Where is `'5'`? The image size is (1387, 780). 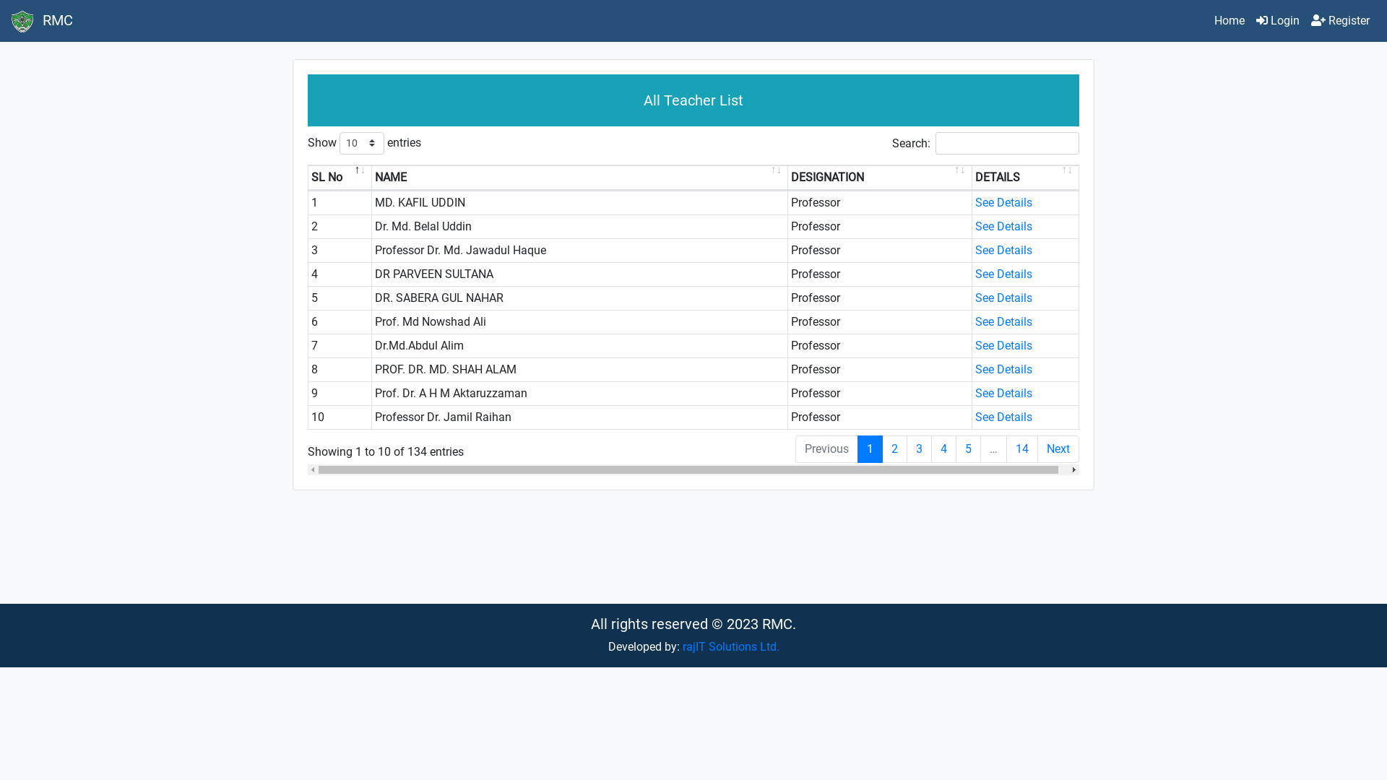
'5' is located at coordinates (968, 448).